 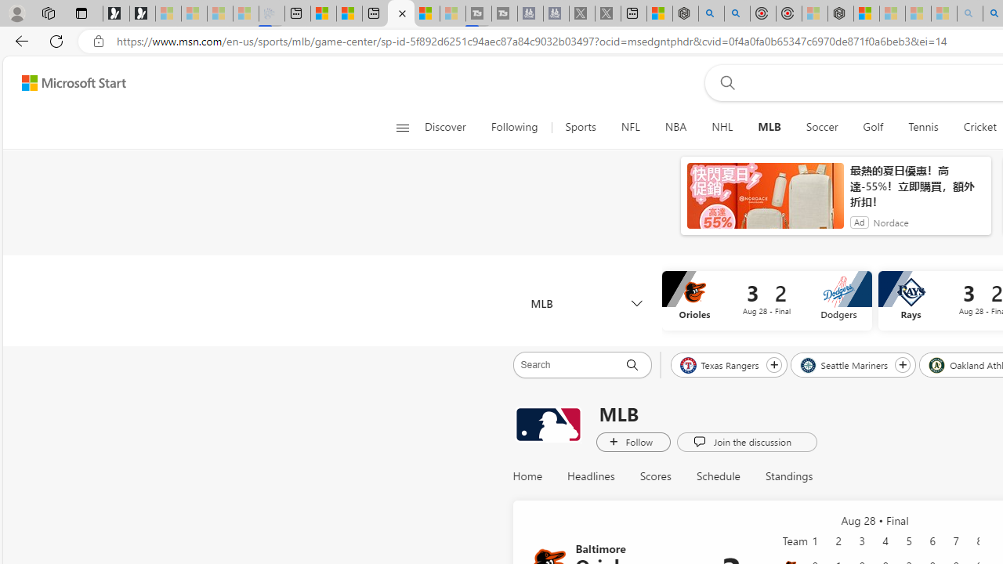 I want to click on 'Soccer', so click(x=820, y=127).